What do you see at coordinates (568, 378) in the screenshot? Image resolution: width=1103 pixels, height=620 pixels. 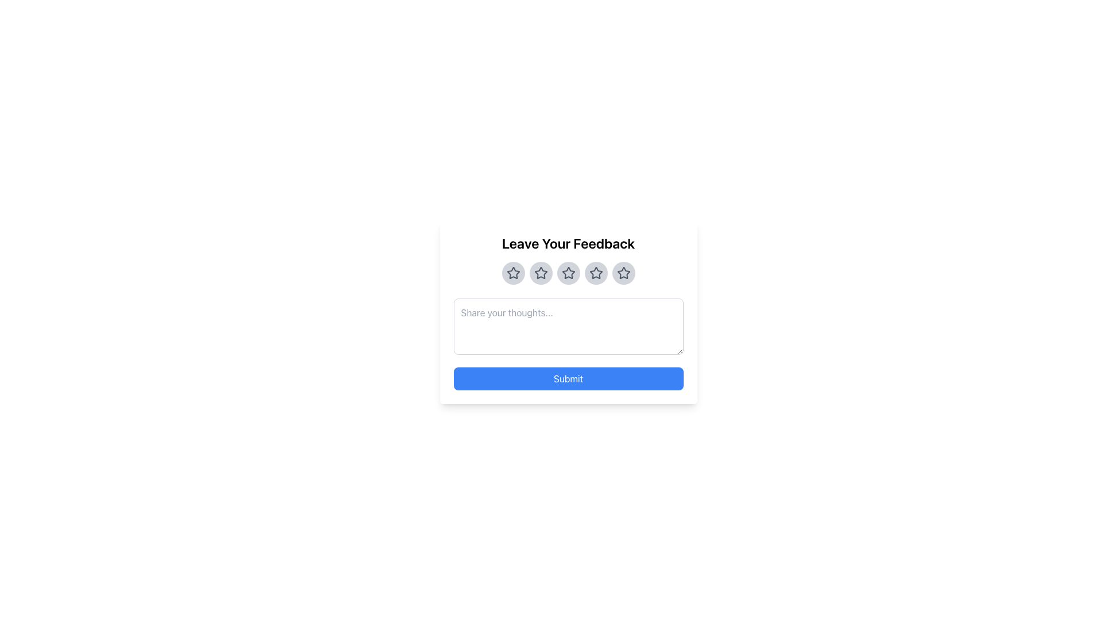 I see `the submit button located at the bottom of the feedback form` at bounding box center [568, 378].